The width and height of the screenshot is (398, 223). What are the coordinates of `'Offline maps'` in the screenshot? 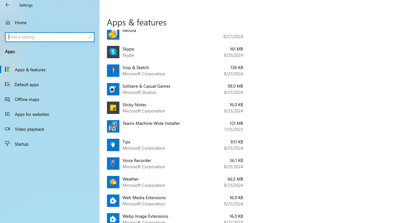 It's located at (50, 99).